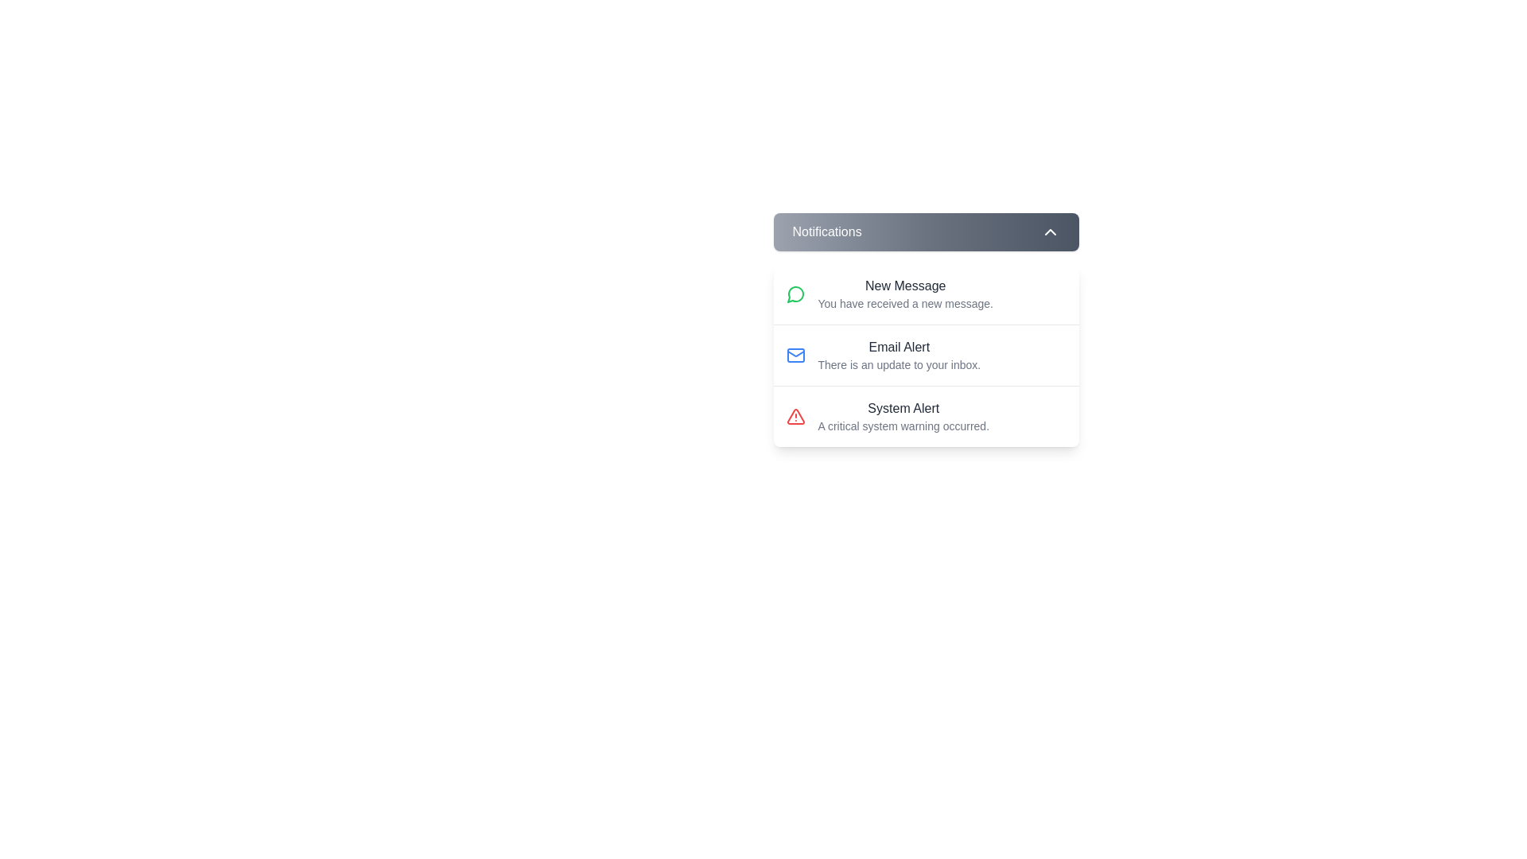 Image resolution: width=1527 pixels, height=859 pixels. What do you see at coordinates (899, 346) in the screenshot?
I see `the 'Email Alert' text label, which is styled in bold, dark gray font and serves as the title for the notification above the message 'There is an update to your inbox.'` at bounding box center [899, 346].